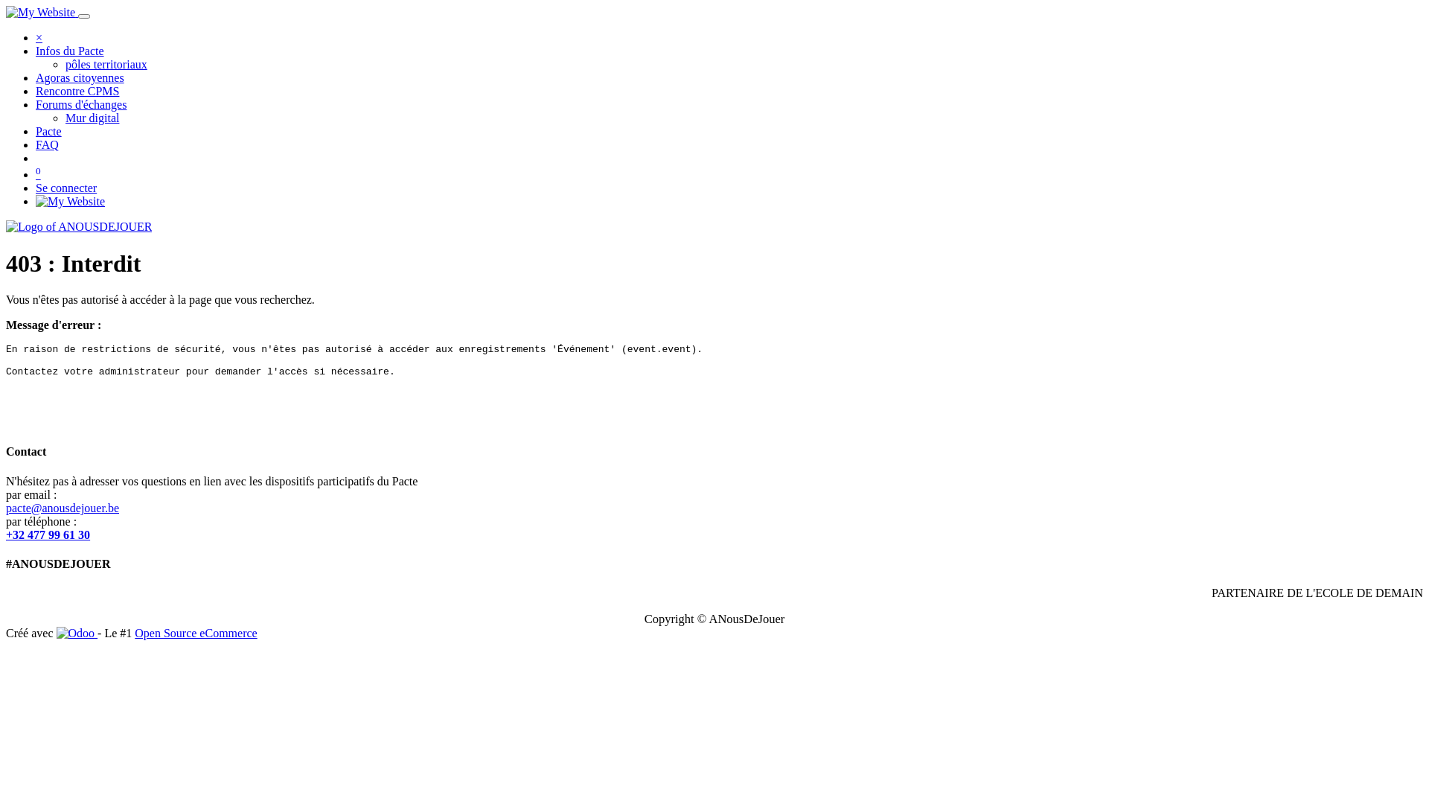 This screenshot has width=1429, height=804. I want to click on '+32 477 99 61 30', so click(48, 534).